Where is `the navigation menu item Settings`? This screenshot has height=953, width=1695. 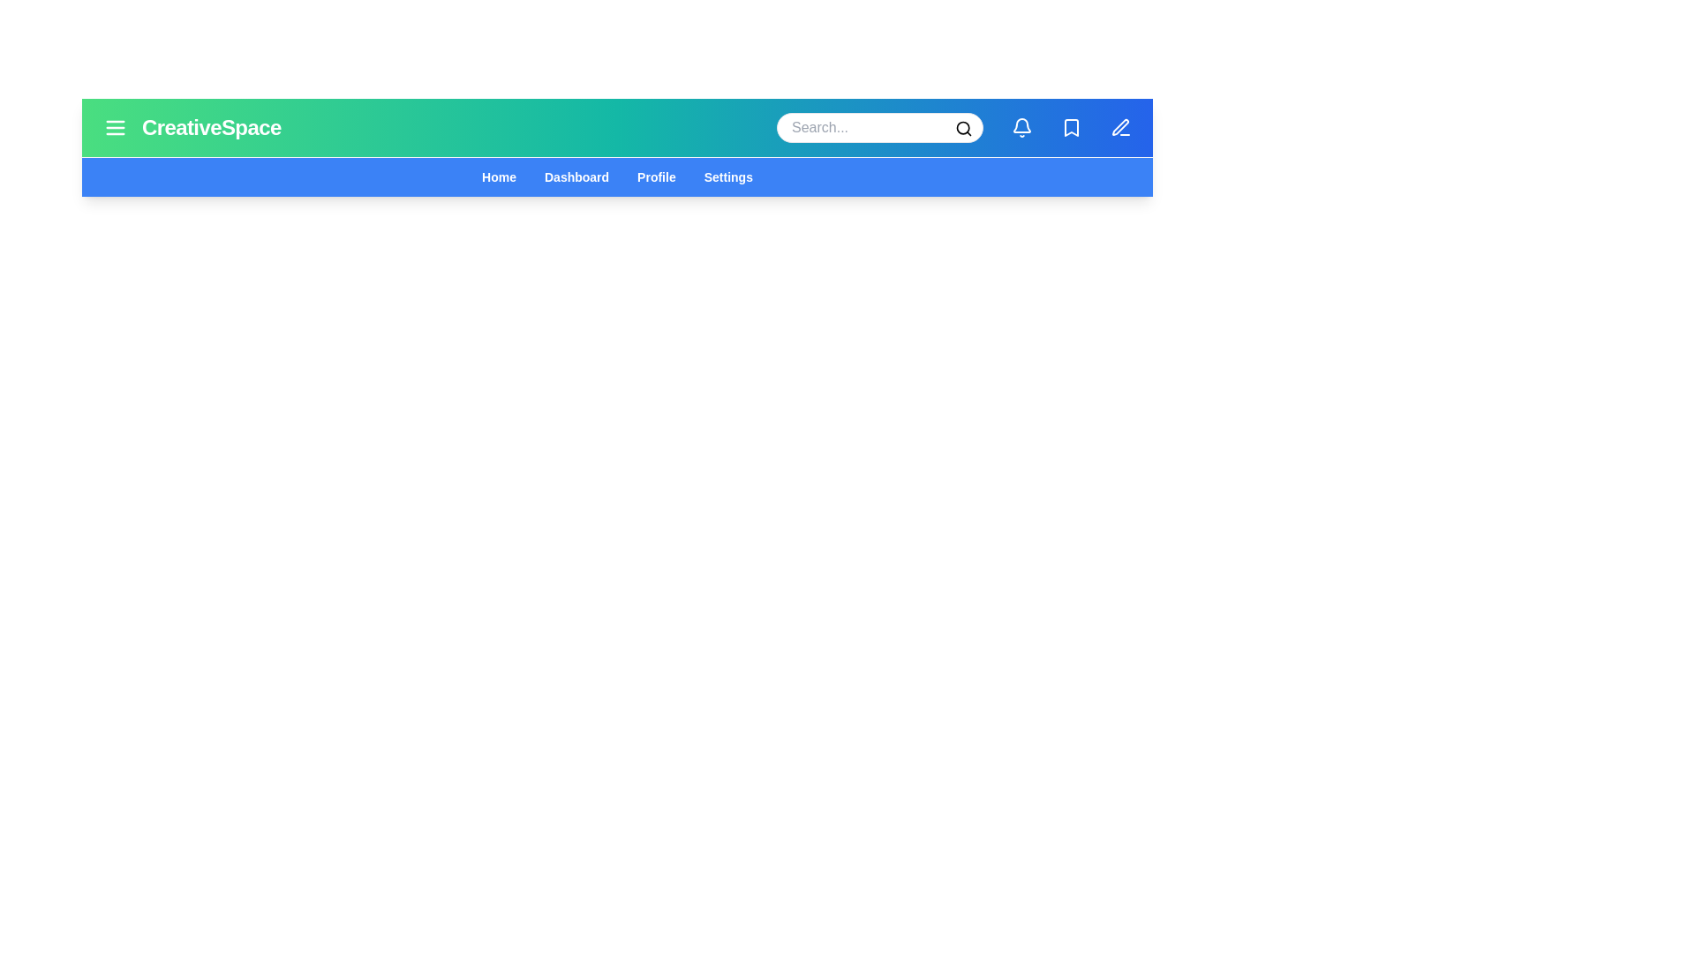
the navigation menu item Settings is located at coordinates (728, 176).